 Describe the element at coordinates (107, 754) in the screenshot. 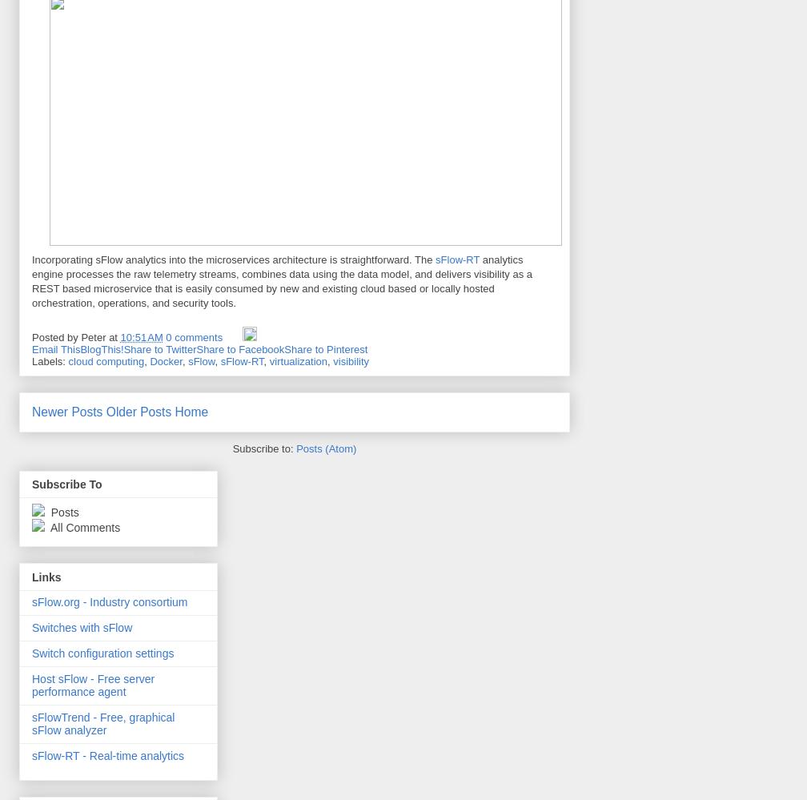

I see `'sFlow-RT - Real-time analytics'` at that location.